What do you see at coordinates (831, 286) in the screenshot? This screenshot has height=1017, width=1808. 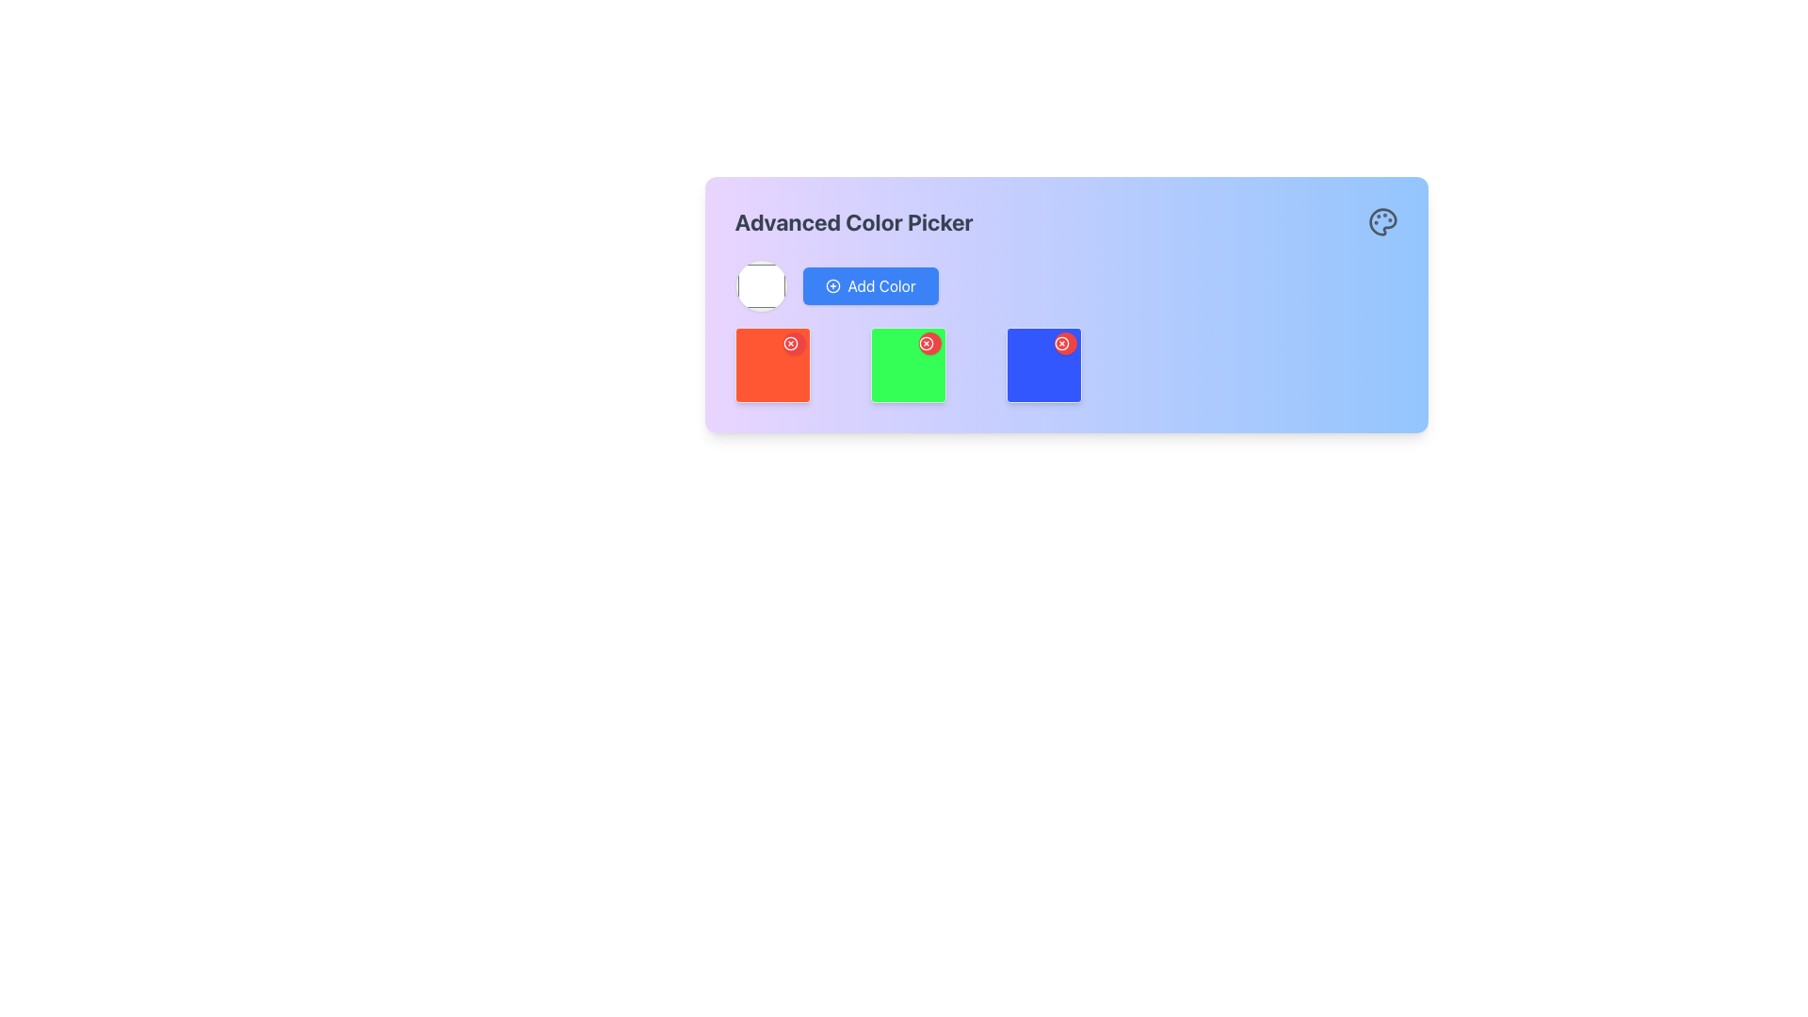 I see `the '+' icon located to the left of the 'Add Color' button in the top-center section of the interface` at bounding box center [831, 286].